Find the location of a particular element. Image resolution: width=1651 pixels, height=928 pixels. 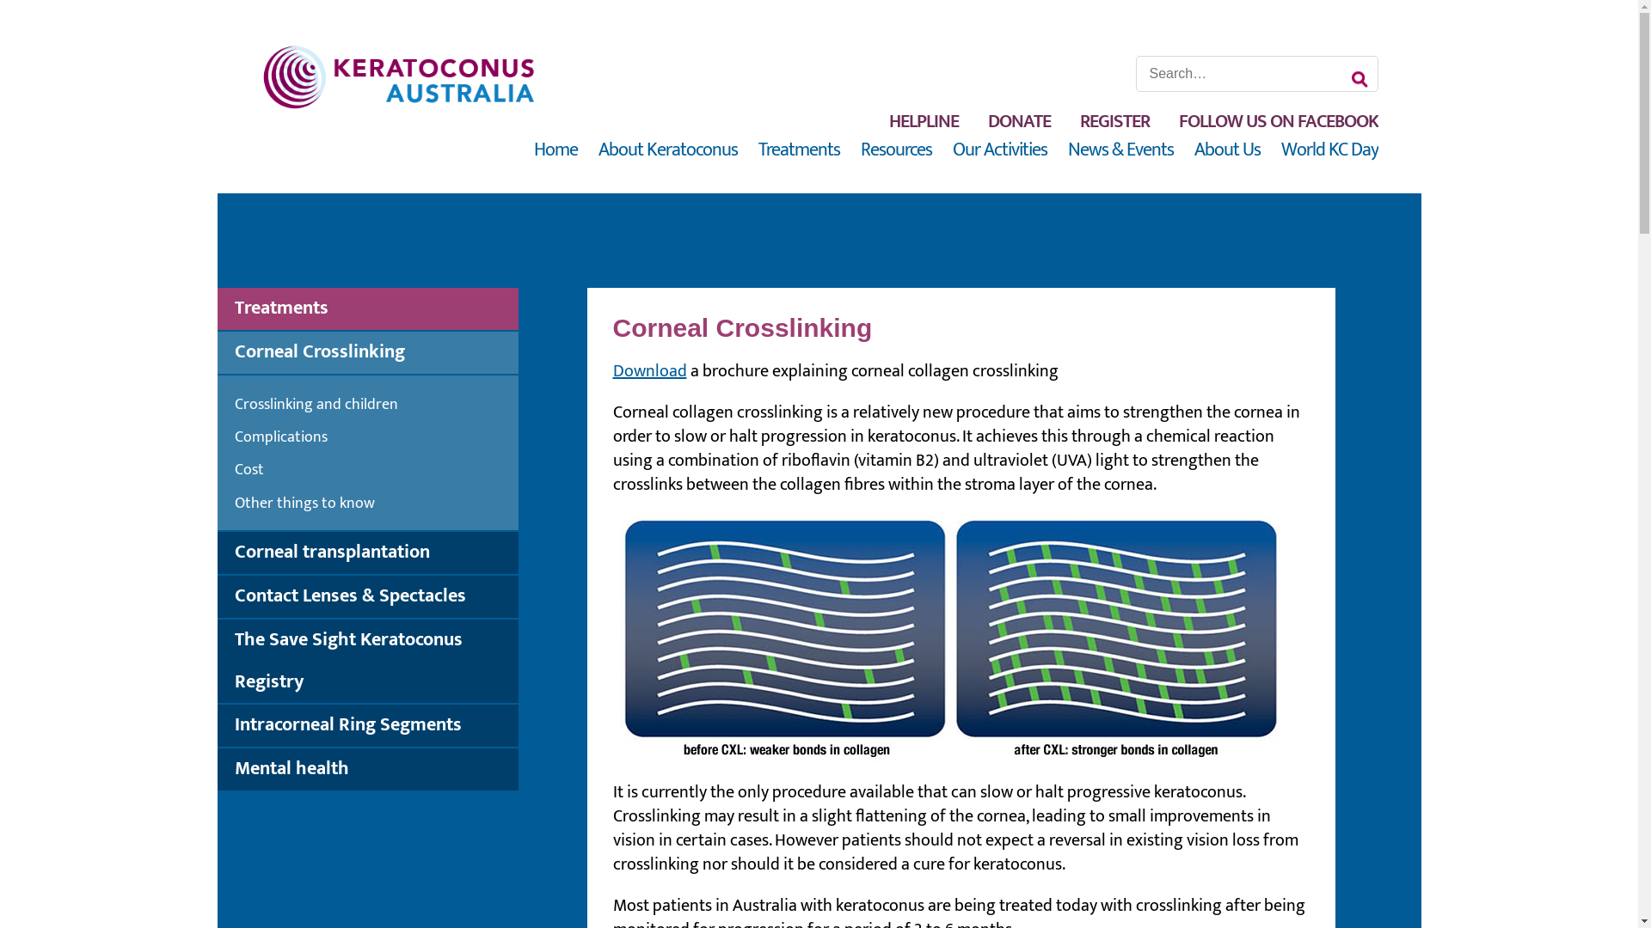

'Resources' is located at coordinates (894, 149).